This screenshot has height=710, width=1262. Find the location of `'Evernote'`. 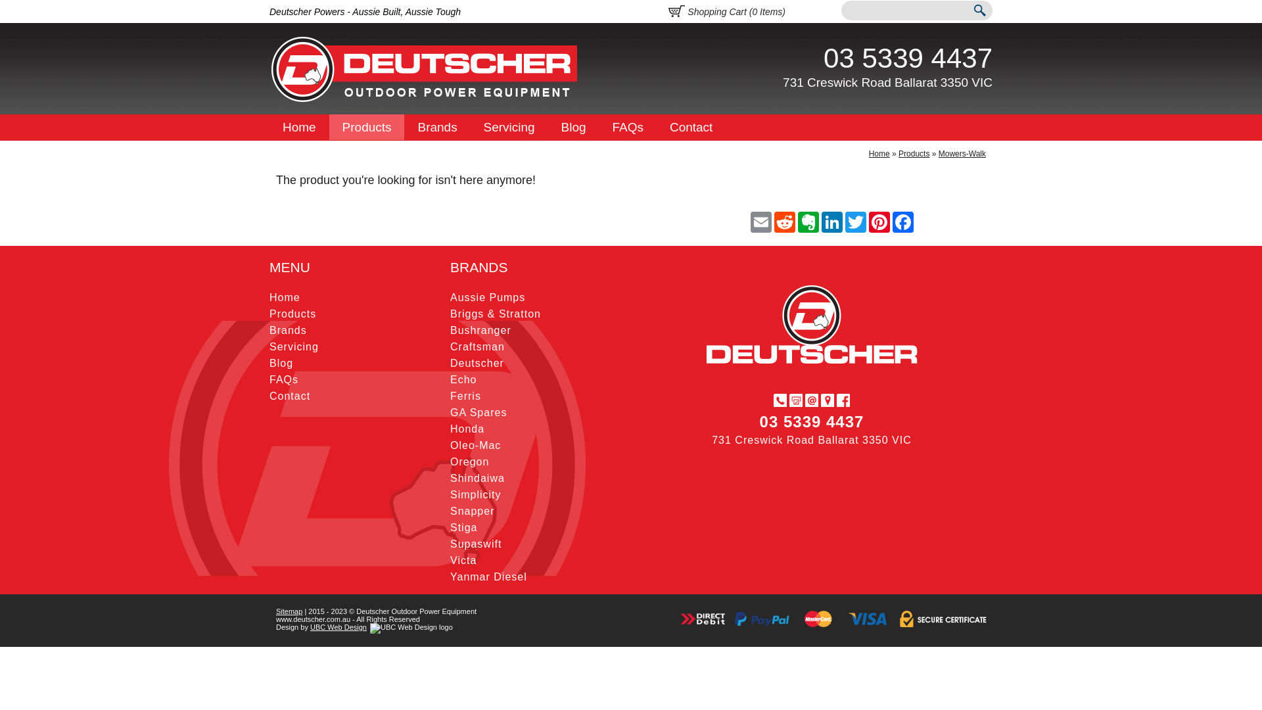

'Evernote' is located at coordinates (807, 222).